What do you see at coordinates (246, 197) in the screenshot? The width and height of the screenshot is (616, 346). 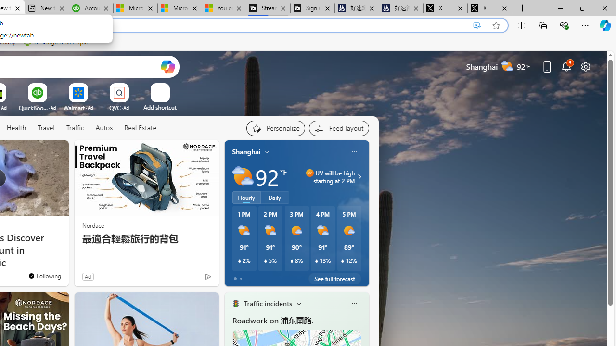 I see `'Hourly'` at bounding box center [246, 197].